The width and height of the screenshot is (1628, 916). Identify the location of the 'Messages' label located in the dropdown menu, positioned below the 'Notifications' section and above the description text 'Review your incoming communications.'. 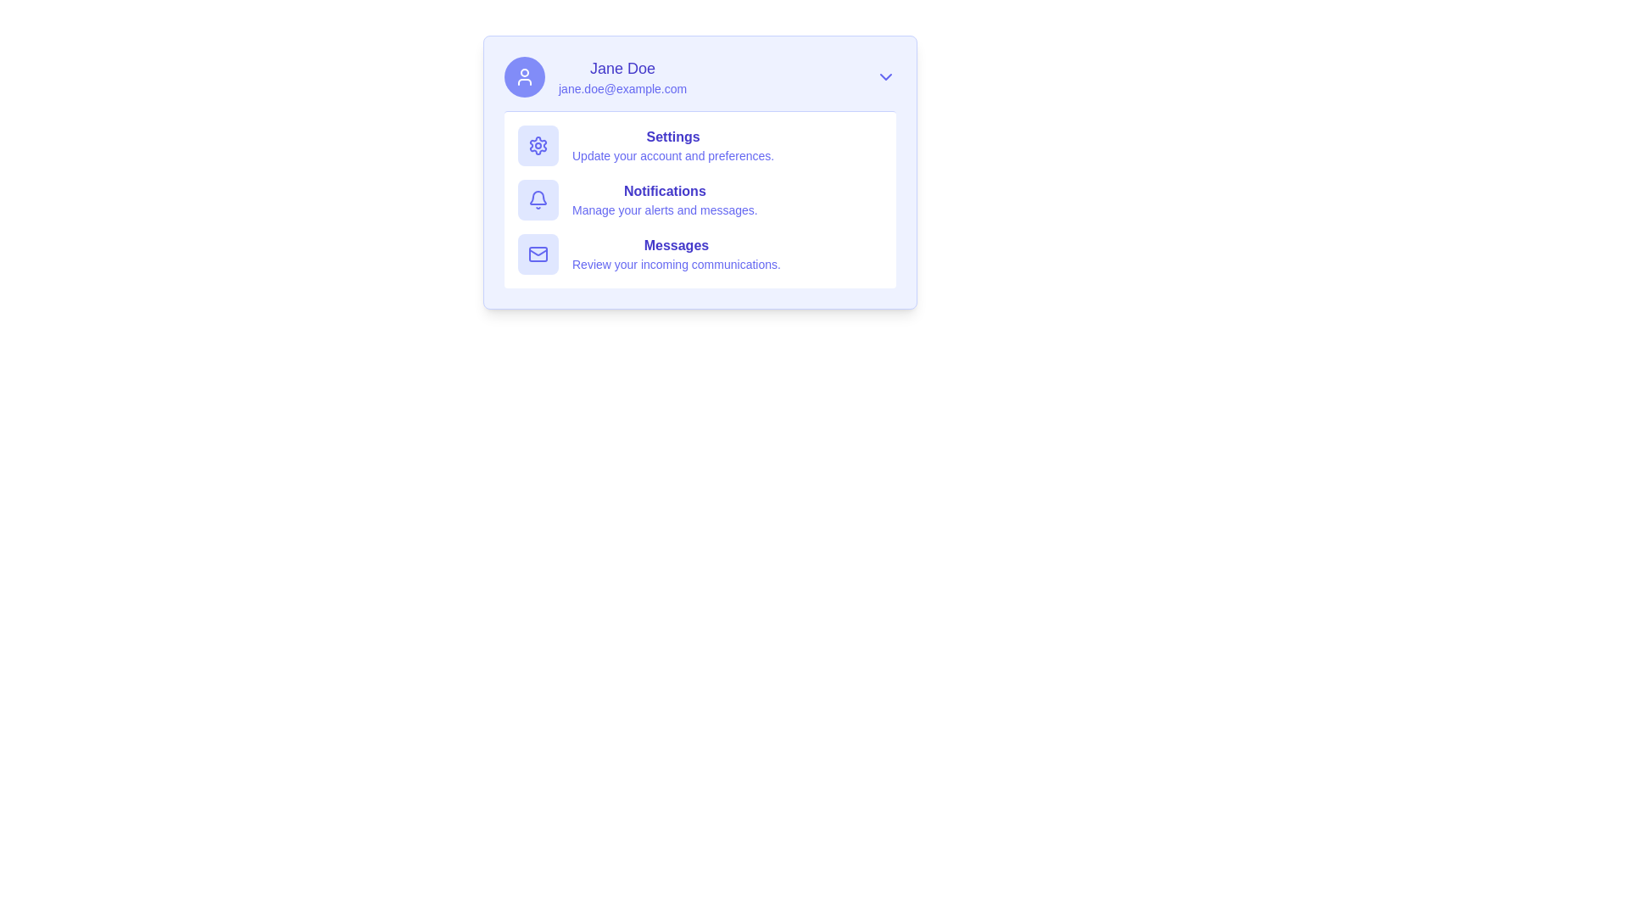
(675, 245).